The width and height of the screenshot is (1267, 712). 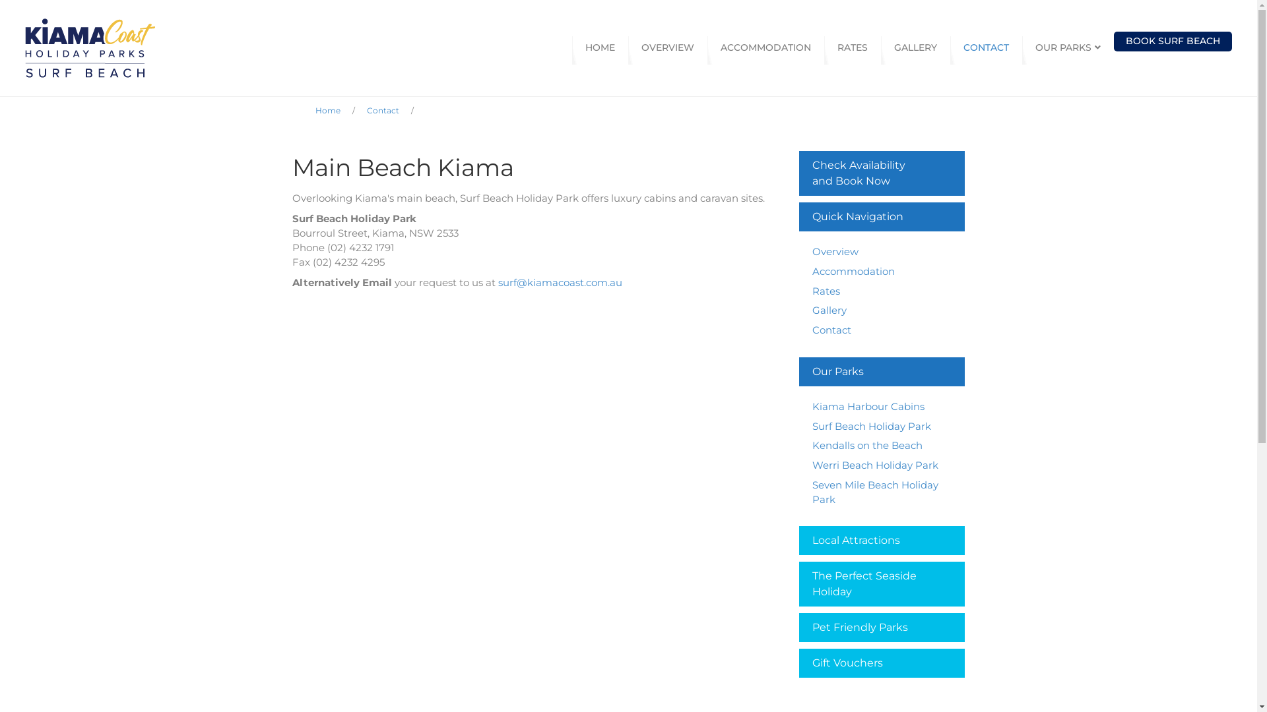 What do you see at coordinates (668, 47) in the screenshot?
I see `'OVERVIEW'` at bounding box center [668, 47].